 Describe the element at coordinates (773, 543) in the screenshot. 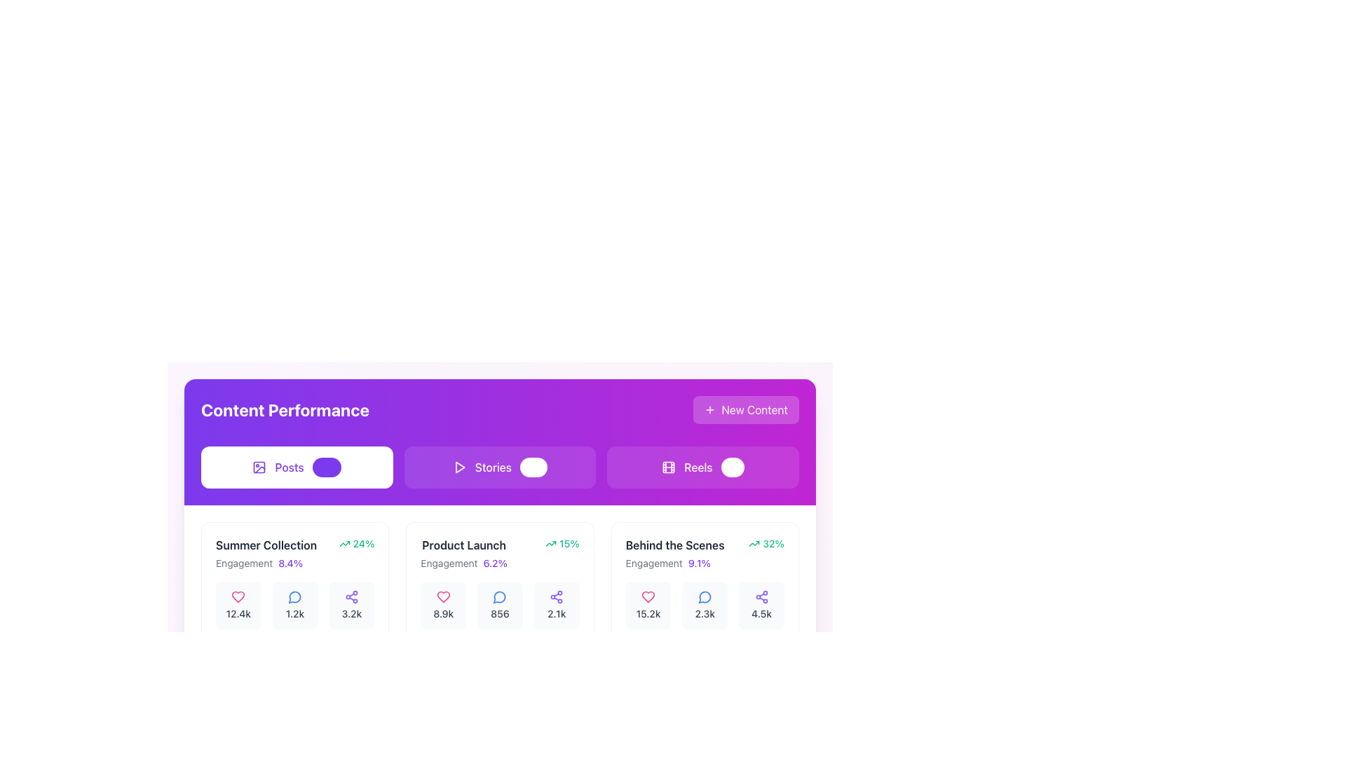

I see `the Text Label displaying '32%' in green color, which is positioned near the upper-right corner of the card labeled 'Behind the Scenes', adjacent to a trending-up icon` at that location.